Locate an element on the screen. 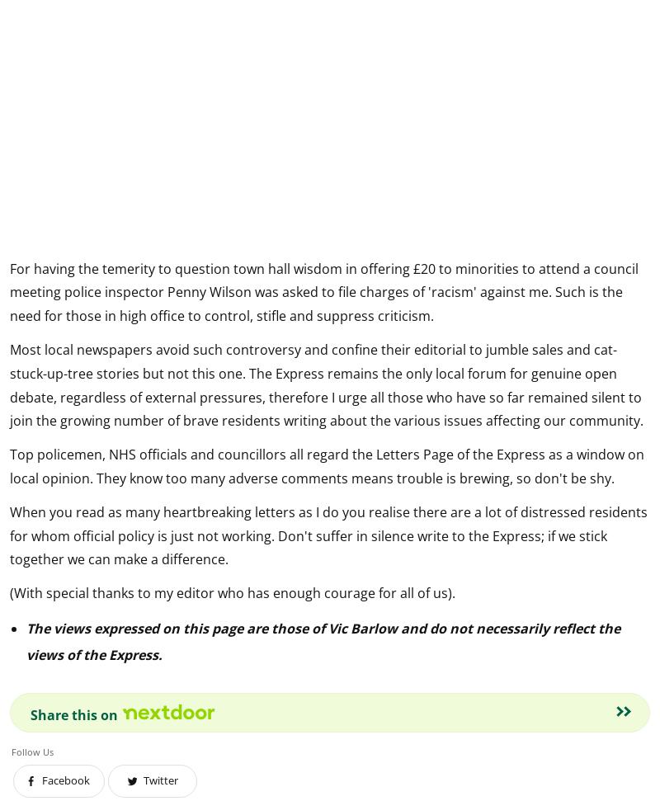  '(With special thanks to my editor who has enough courage for all of us).' is located at coordinates (233, 592).